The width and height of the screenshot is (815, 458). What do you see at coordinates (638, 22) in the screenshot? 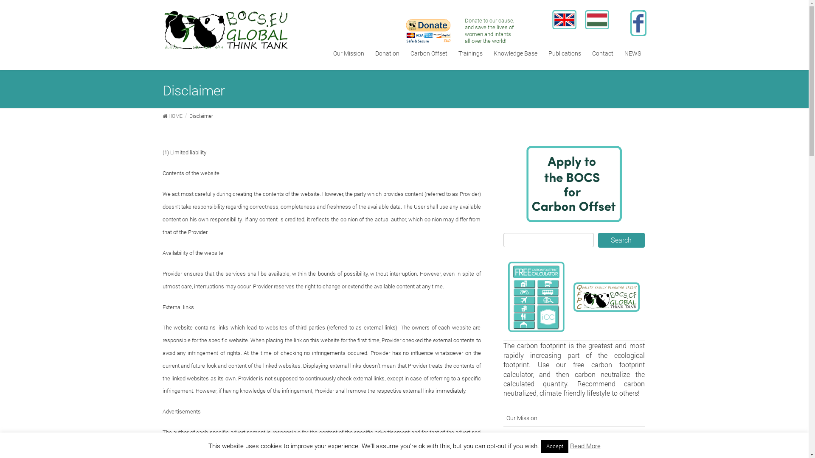
I see `'BOCS.EU - Facebook >>'` at bounding box center [638, 22].